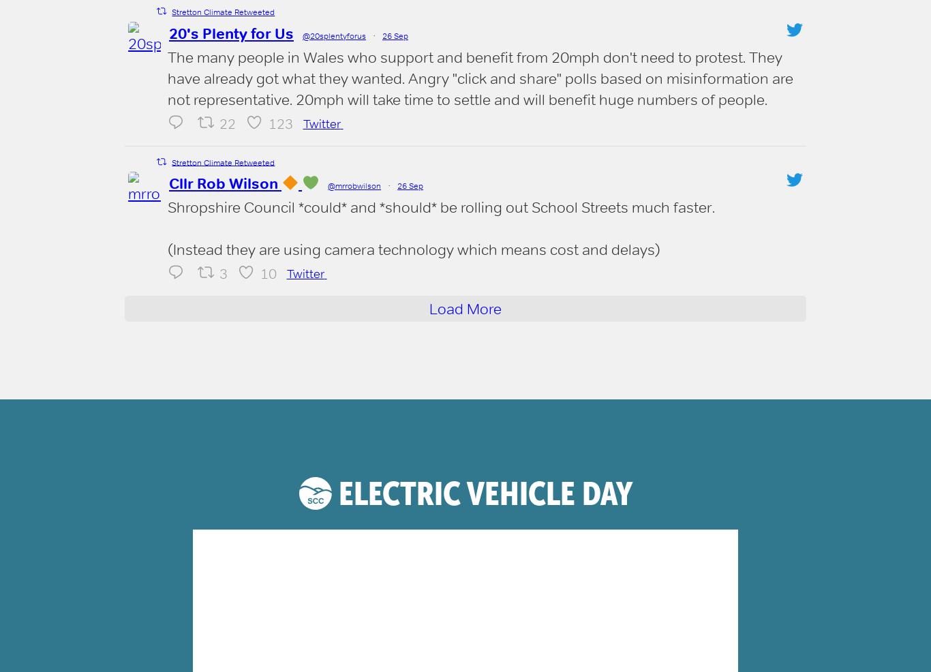 This screenshot has width=931, height=672. I want to click on 'Electric Vehicle Day', so click(481, 493).